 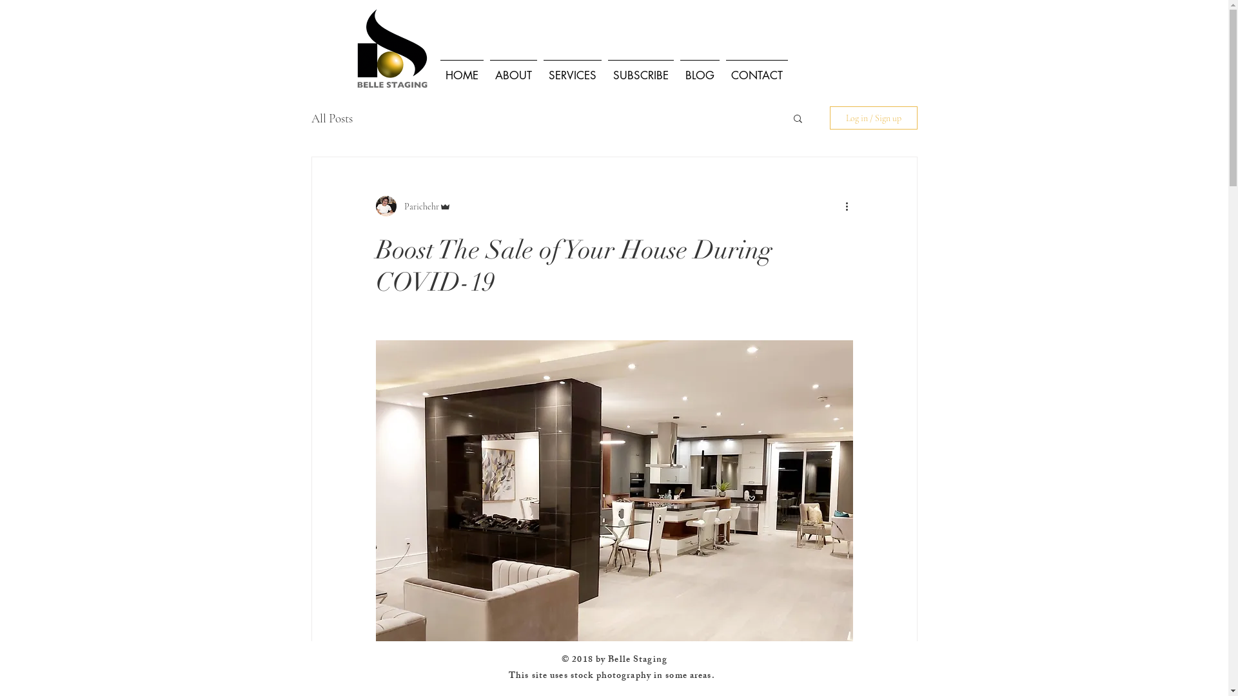 I want to click on 'ABOUT', so click(x=486, y=70).